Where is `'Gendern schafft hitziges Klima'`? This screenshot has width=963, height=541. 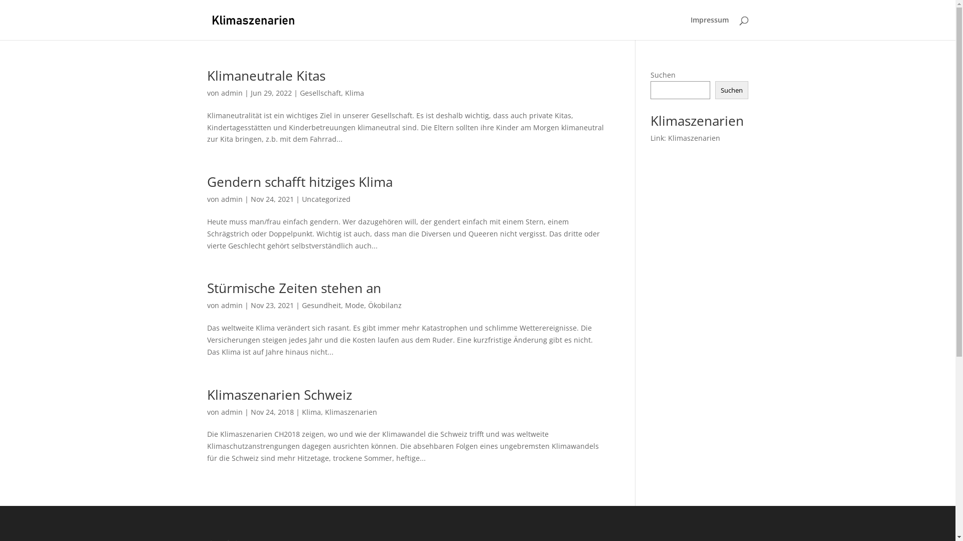 'Gendern schafft hitziges Klima' is located at coordinates (298, 181).